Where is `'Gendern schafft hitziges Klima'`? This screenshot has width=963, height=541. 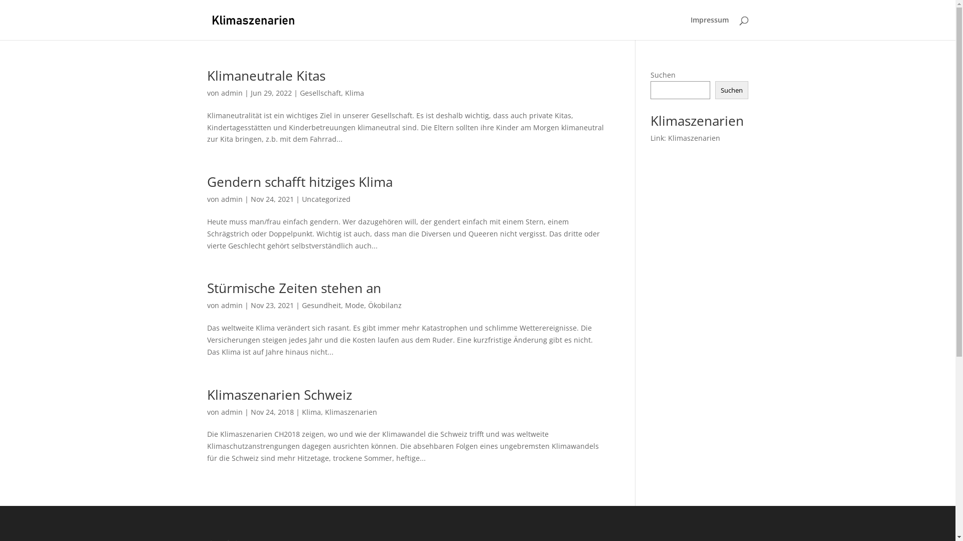 'Gendern schafft hitziges Klima' is located at coordinates (298, 181).